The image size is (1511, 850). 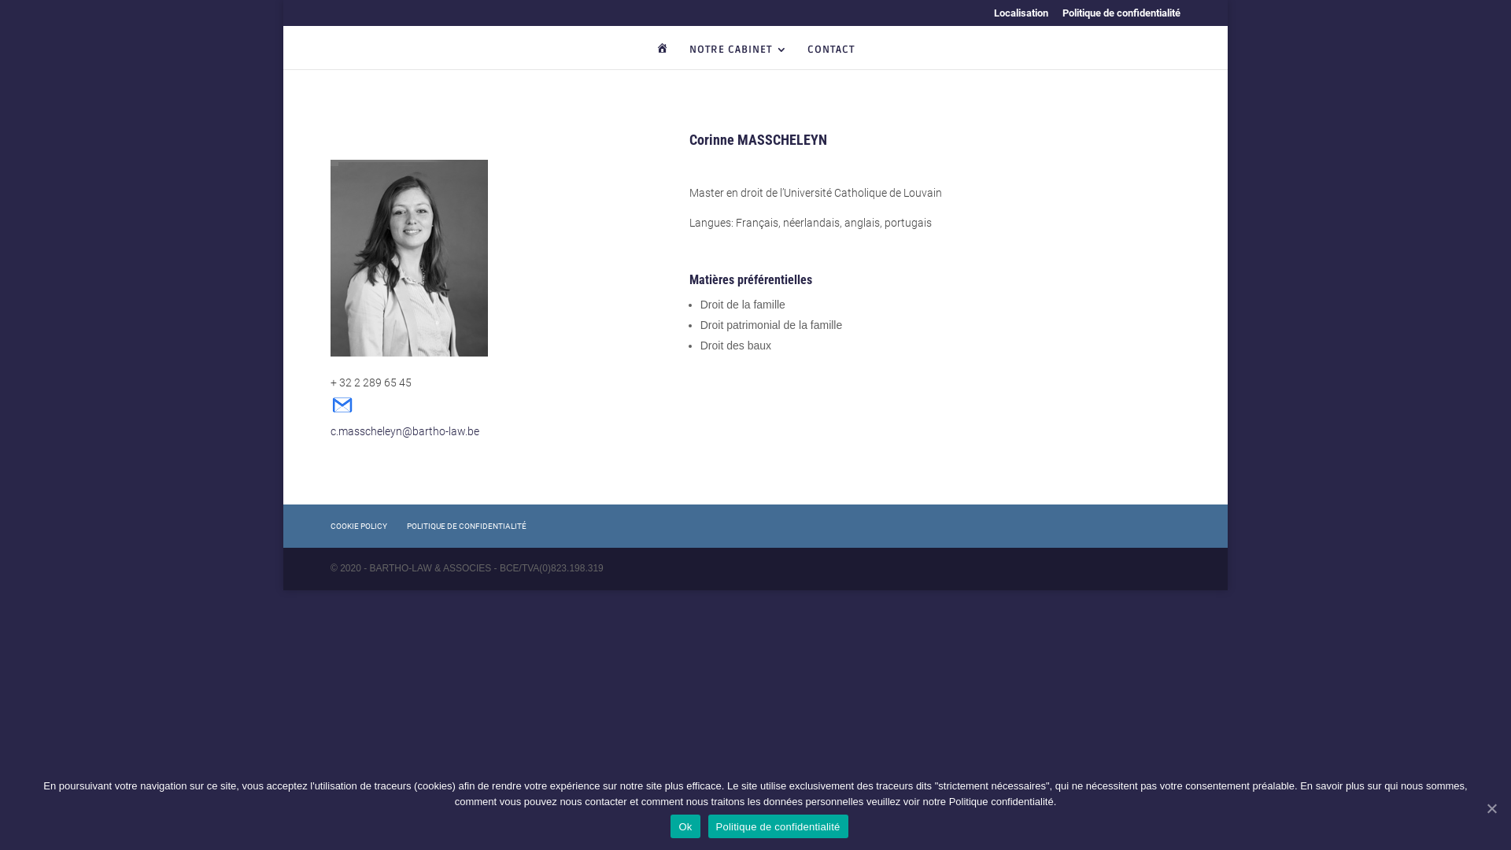 I want to click on 'c.masscheleyn@bartho-law.be', so click(x=405, y=421).